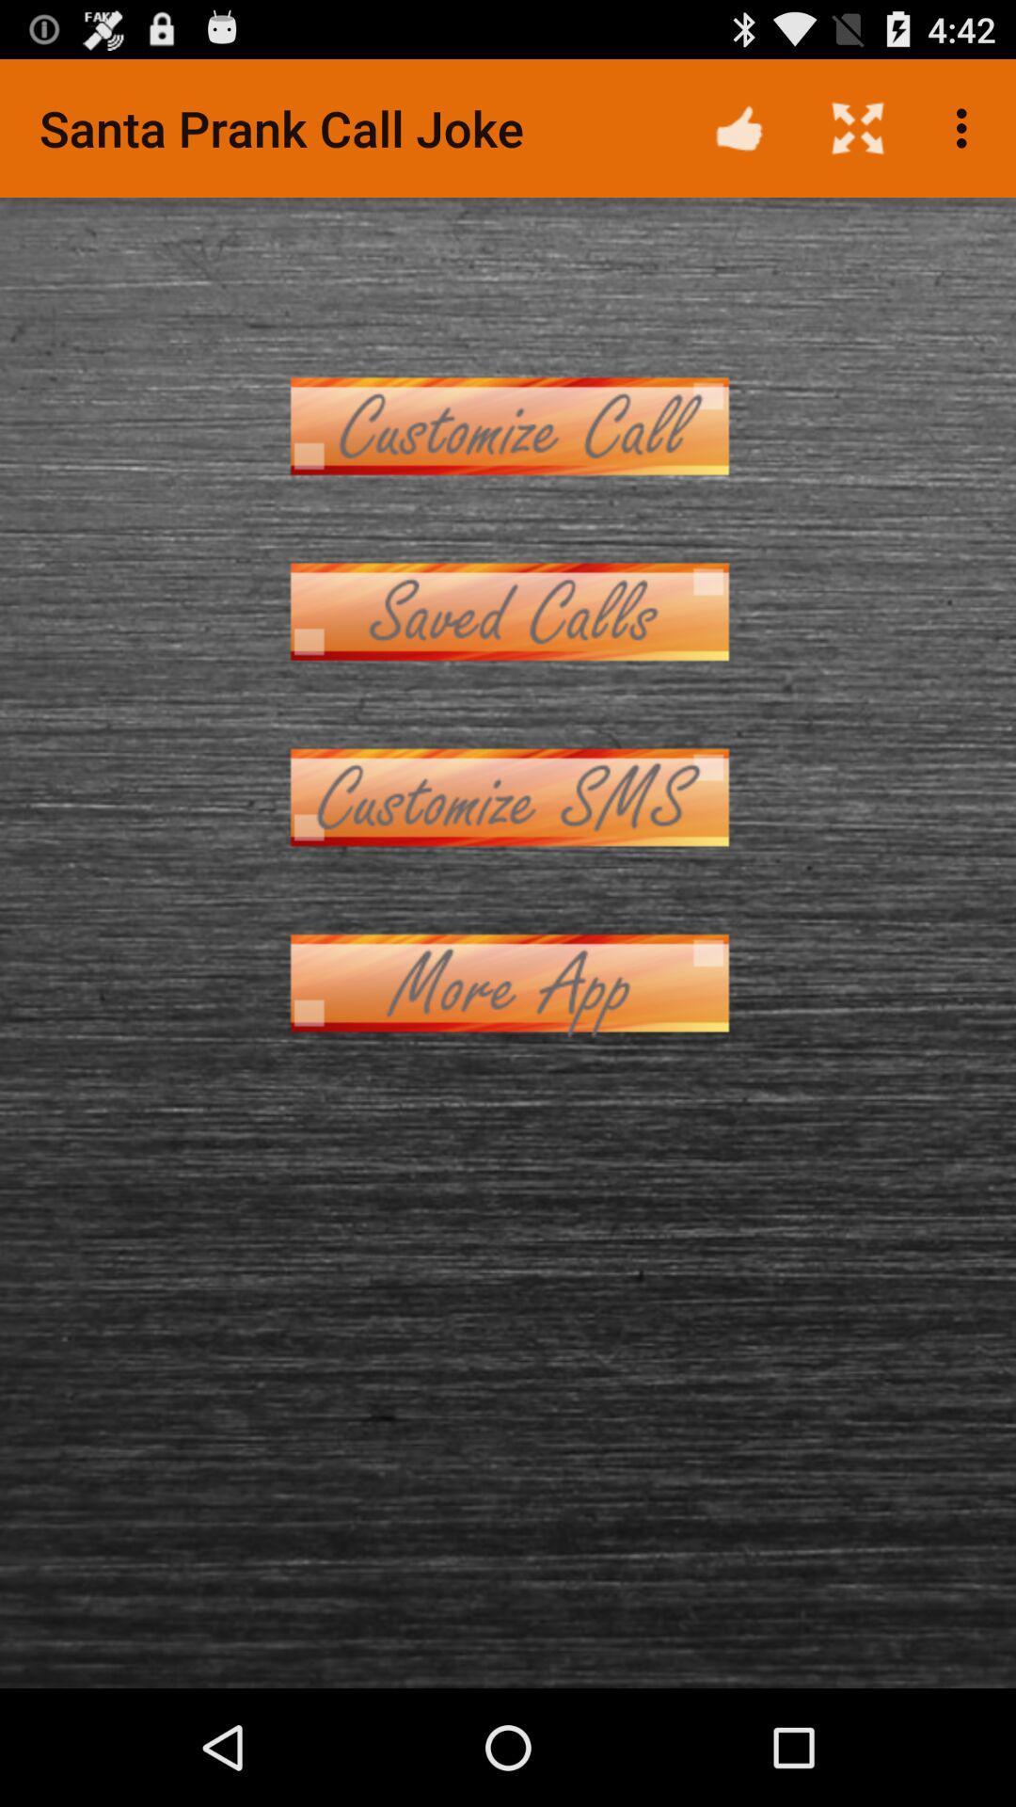  I want to click on customize call, so click(508, 424).